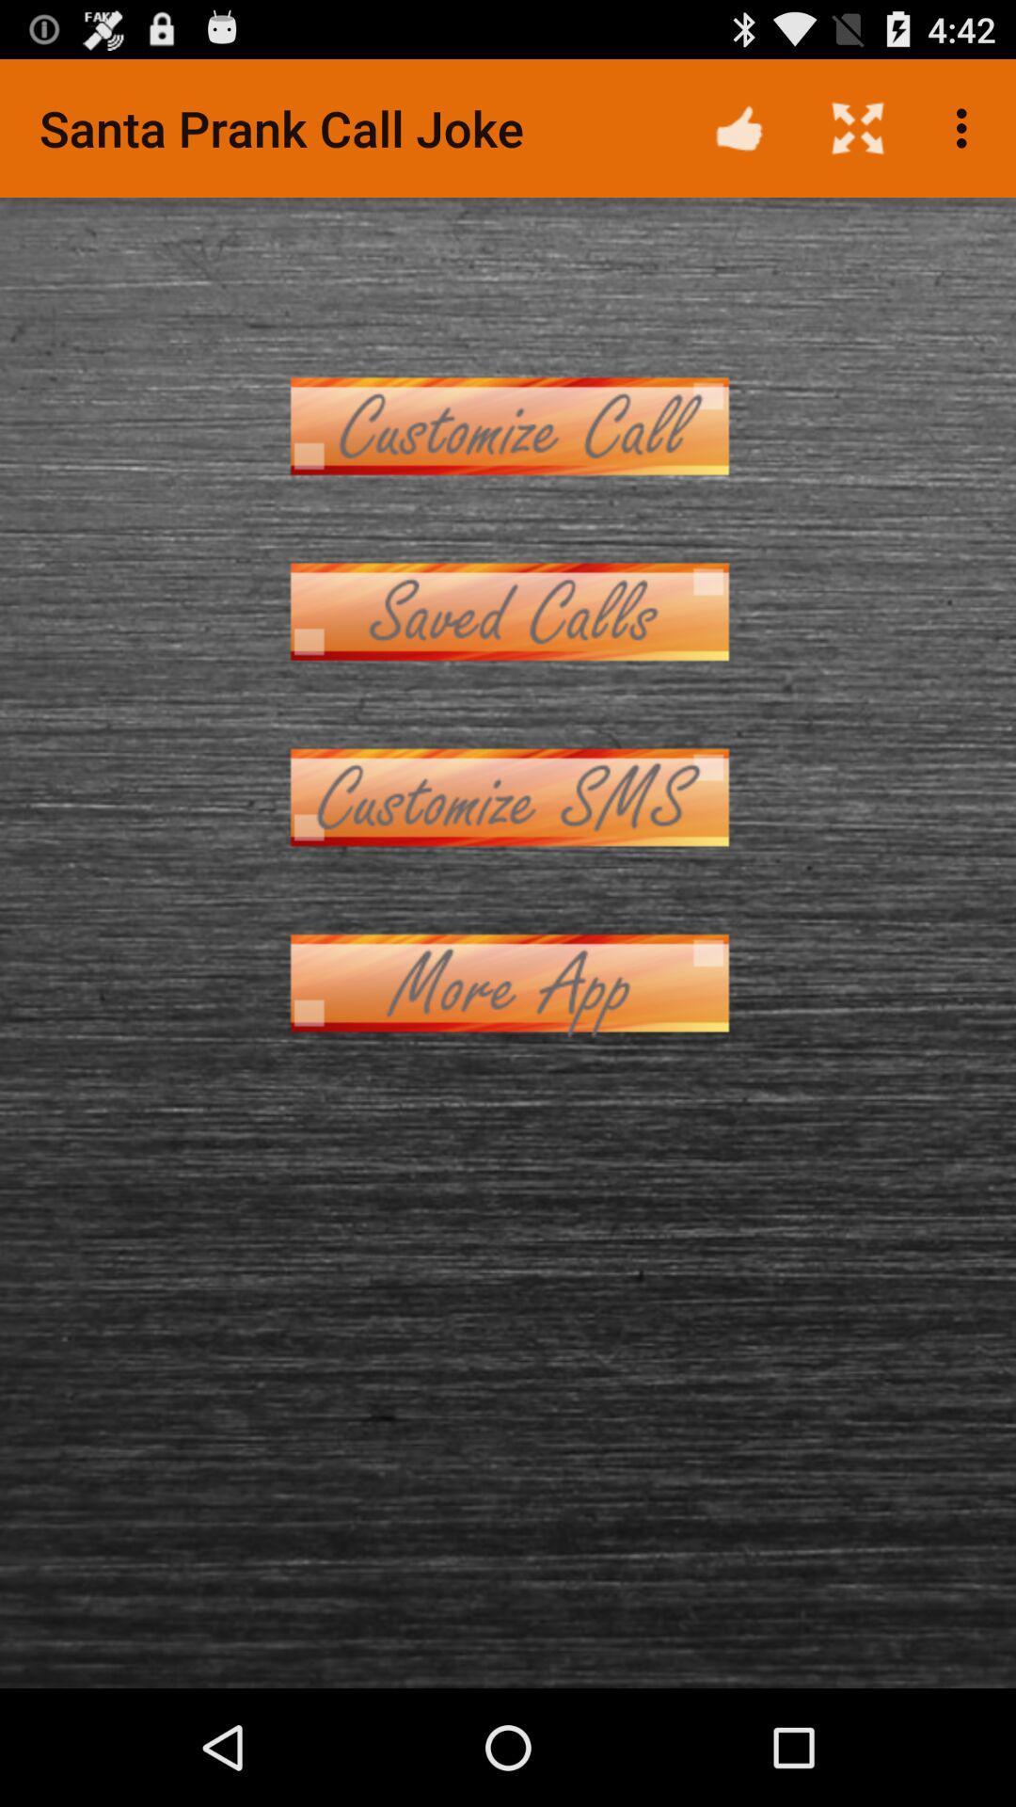  I want to click on customize call, so click(508, 424).